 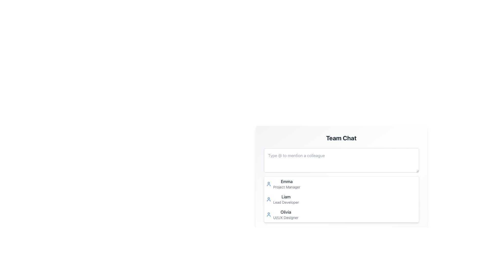 What do you see at coordinates (285, 218) in the screenshot?
I see `the text snippet reading 'UI/UX Designer' located beneath the name 'Olivia' in the 'Team Chat' interface` at bounding box center [285, 218].